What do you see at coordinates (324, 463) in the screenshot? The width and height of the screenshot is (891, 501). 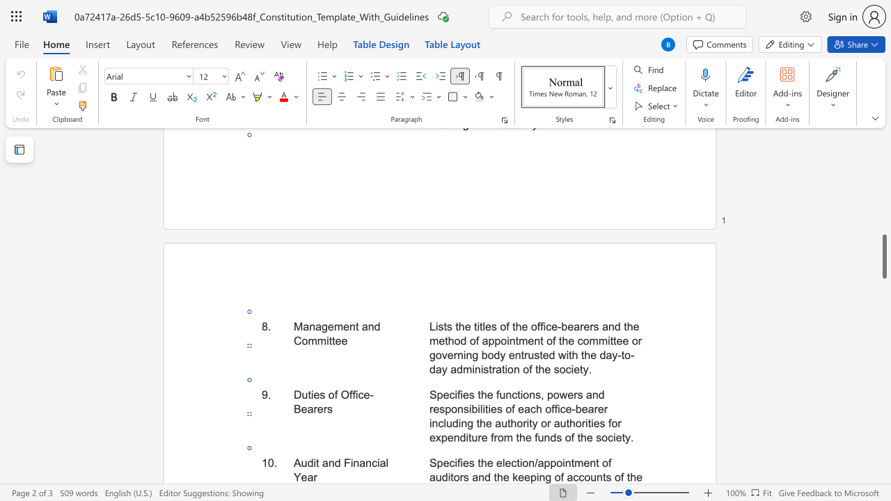 I see `the 1th character "a" in the text` at bounding box center [324, 463].